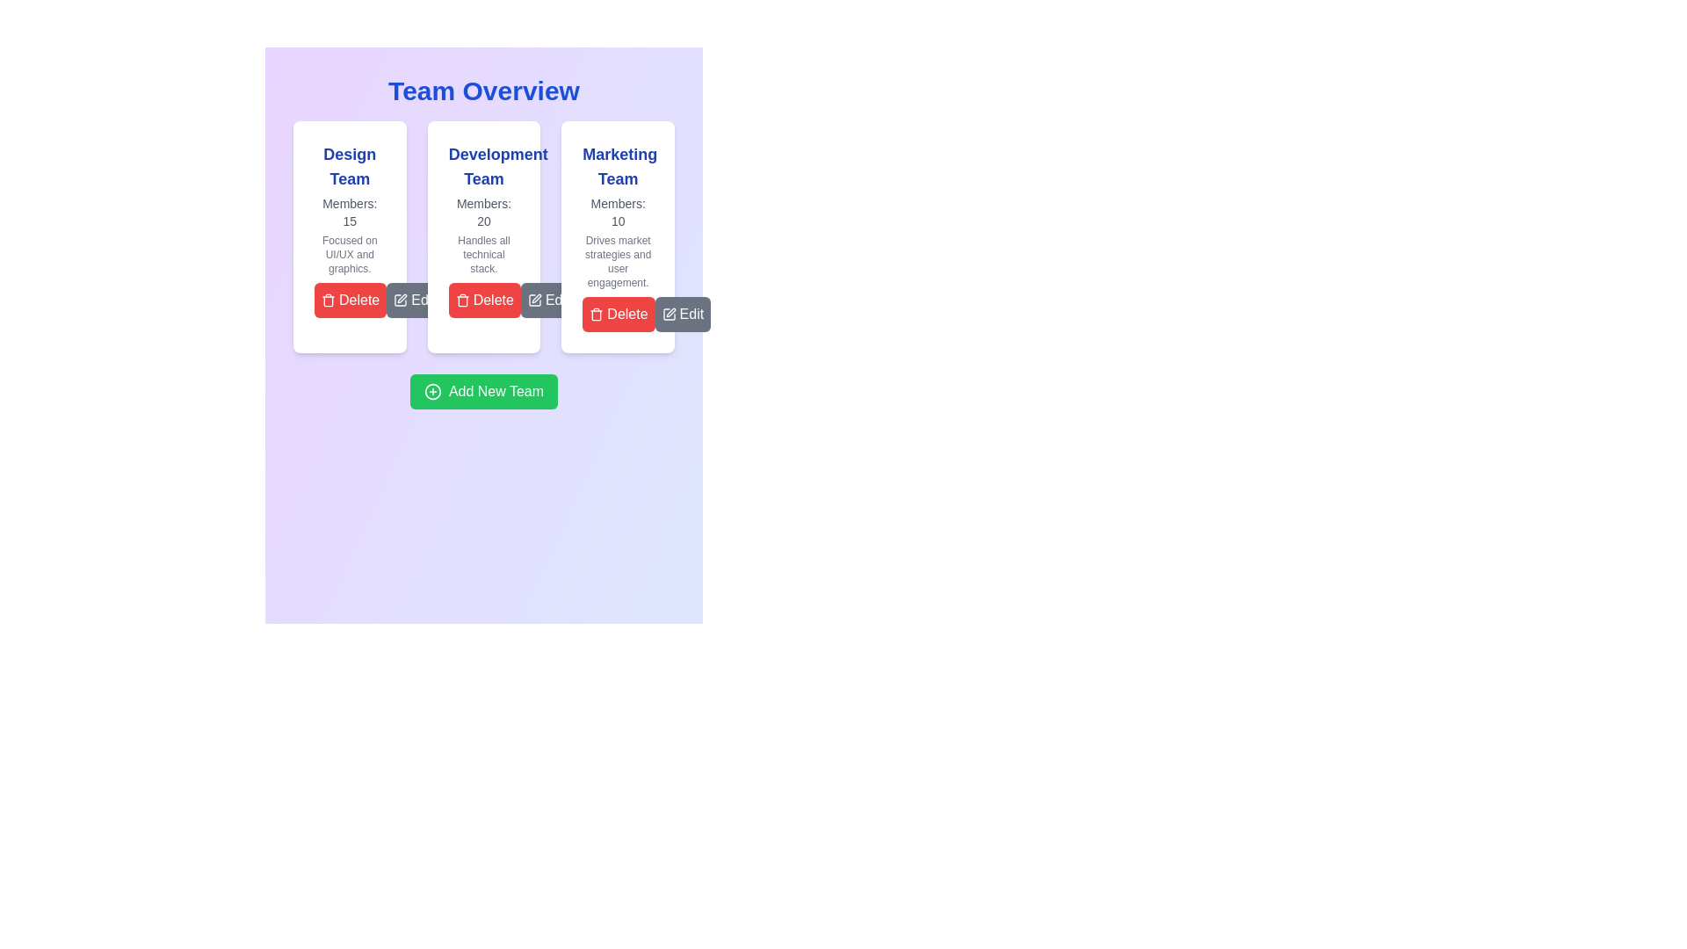 The height and width of the screenshot is (949, 1687). I want to click on the Delete button located at the bottom-right section of the 'Marketing Team' card, under the description text 'Drives market strategies and user engagement.', so click(618, 314).